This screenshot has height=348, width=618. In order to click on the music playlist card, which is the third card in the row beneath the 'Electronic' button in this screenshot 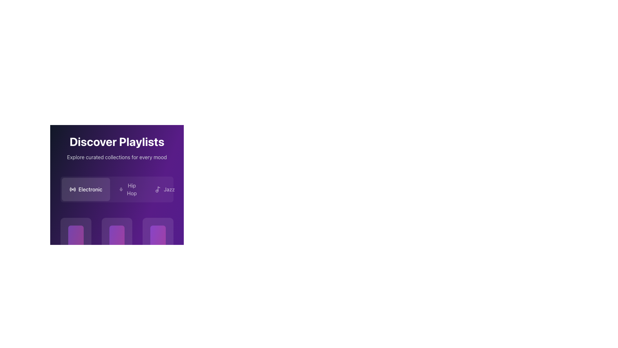, I will do `click(117, 256)`.